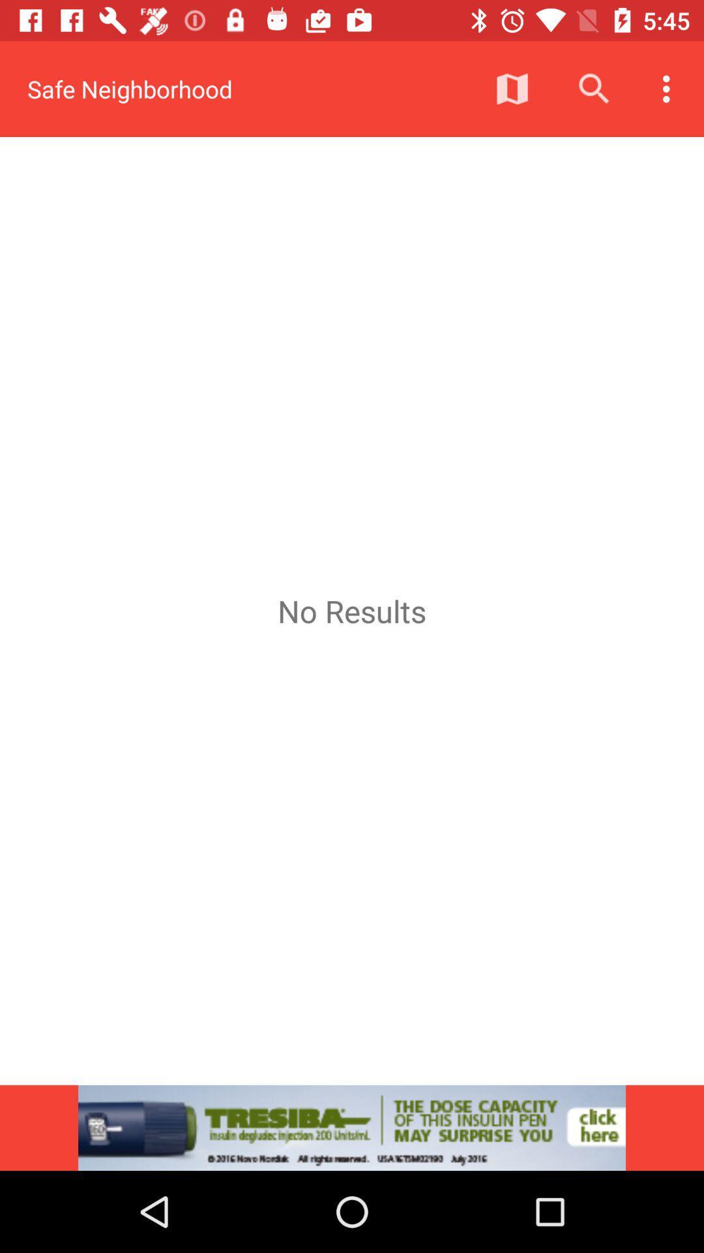 This screenshot has width=704, height=1253. Describe the element at coordinates (669, 88) in the screenshot. I see `icon above no results item` at that location.